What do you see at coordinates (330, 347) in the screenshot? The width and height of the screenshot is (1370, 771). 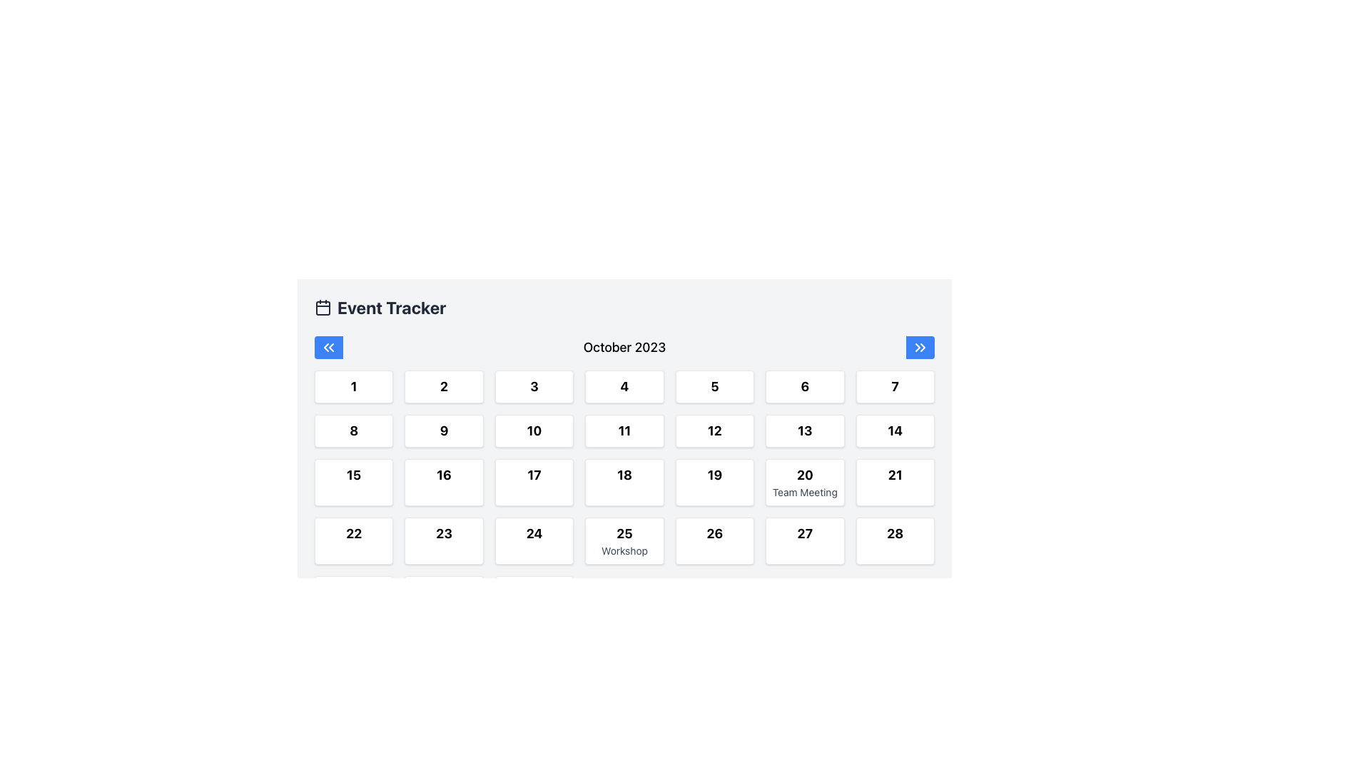 I see `the leftward-pointing triangular icon located in the left-side navigation of the calendar component` at bounding box center [330, 347].